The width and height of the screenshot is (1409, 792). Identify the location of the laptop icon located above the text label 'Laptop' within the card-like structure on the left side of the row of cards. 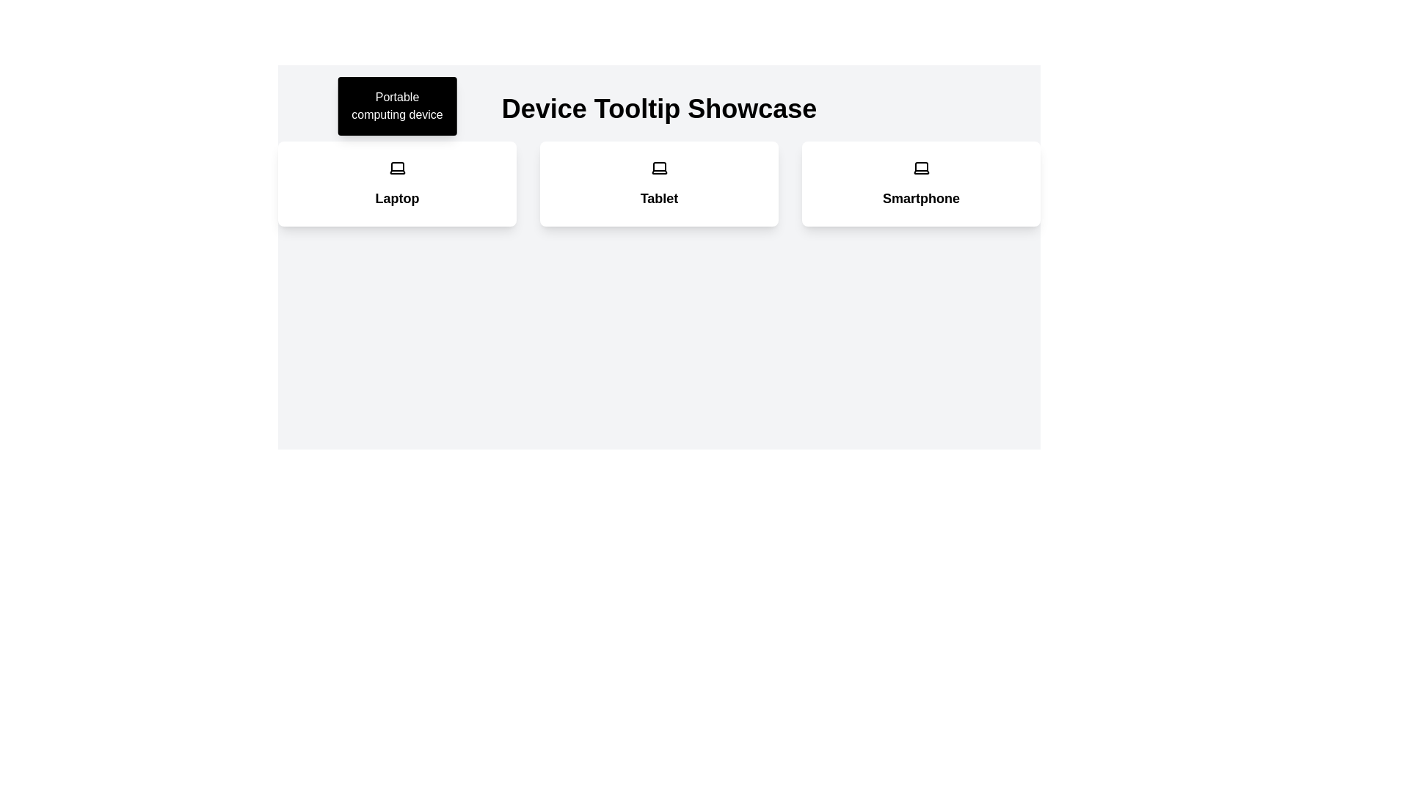
(397, 167).